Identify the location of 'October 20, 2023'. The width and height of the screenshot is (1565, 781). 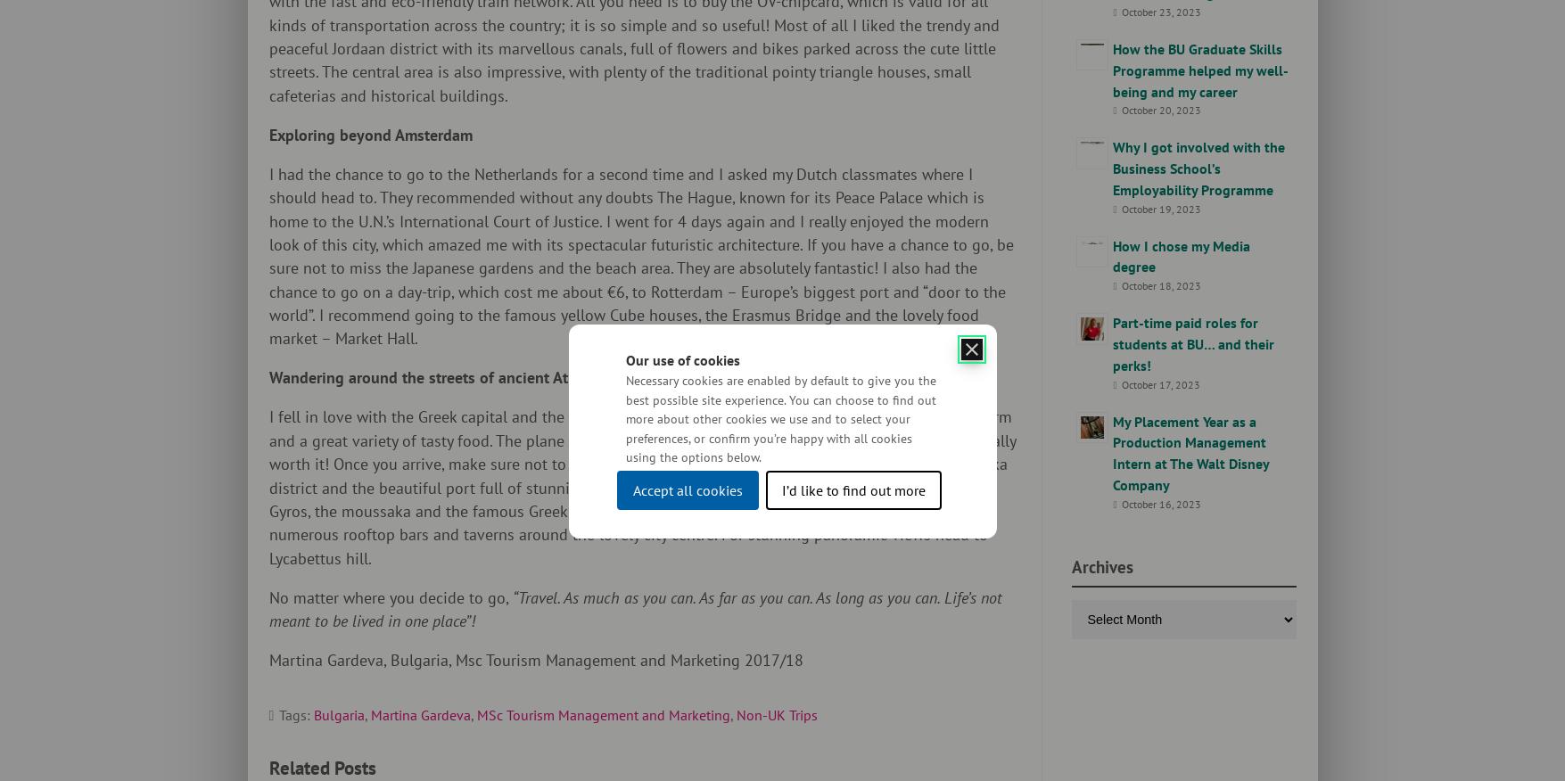
(1159, 109).